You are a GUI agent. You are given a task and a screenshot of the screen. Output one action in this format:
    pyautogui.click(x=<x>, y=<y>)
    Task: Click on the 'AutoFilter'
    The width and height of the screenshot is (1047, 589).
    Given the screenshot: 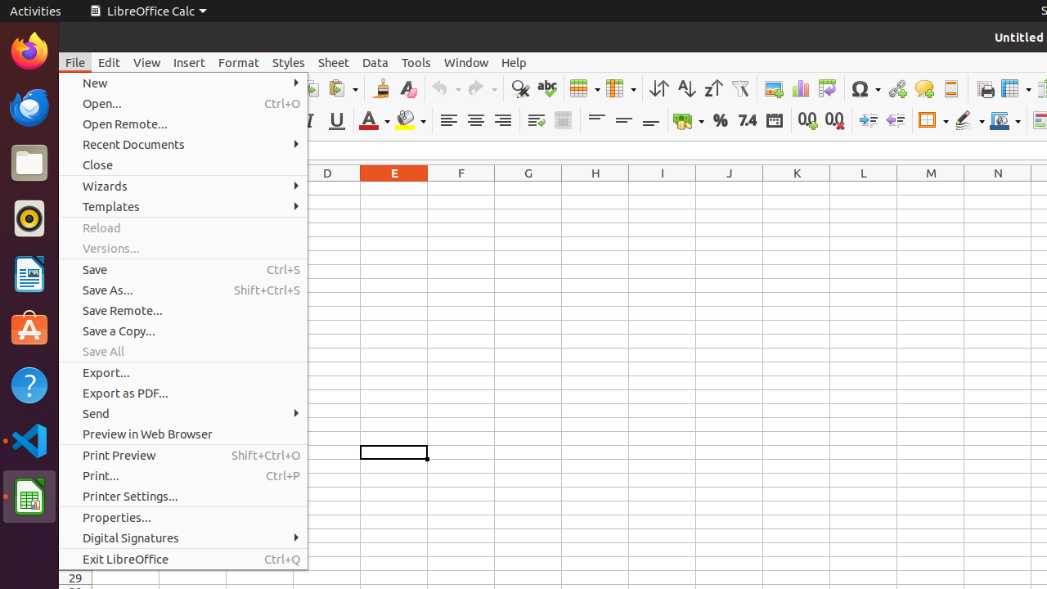 What is the action you would take?
    pyautogui.click(x=739, y=88)
    